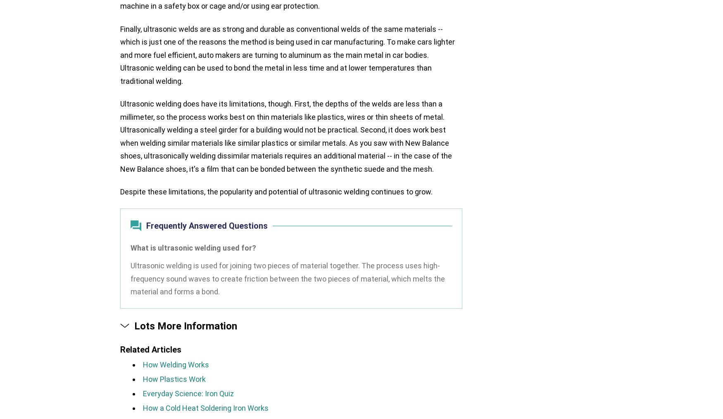 This screenshot has width=723, height=419. Describe the element at coordinates (174, 378) in the screenshot. I see `'How Plastics Work'` at that location.